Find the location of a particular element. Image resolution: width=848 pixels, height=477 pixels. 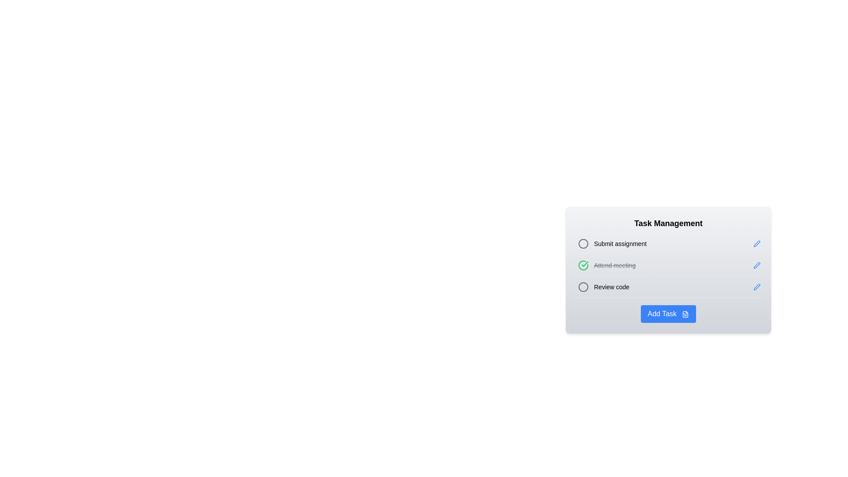

the completed task item "Attend meeting" in the task management interface, which is marked with a strikethrough and a green check icon, located between the tasks "Submit assignment" and "Review code." is located at coordinates (606, 265).